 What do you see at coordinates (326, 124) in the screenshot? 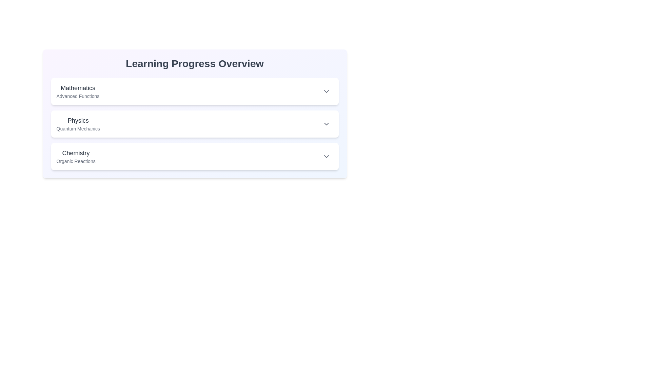
I see `the dropdown toggle button located at the far right of the 'Physics' section header` at bounding box center [326, 124].